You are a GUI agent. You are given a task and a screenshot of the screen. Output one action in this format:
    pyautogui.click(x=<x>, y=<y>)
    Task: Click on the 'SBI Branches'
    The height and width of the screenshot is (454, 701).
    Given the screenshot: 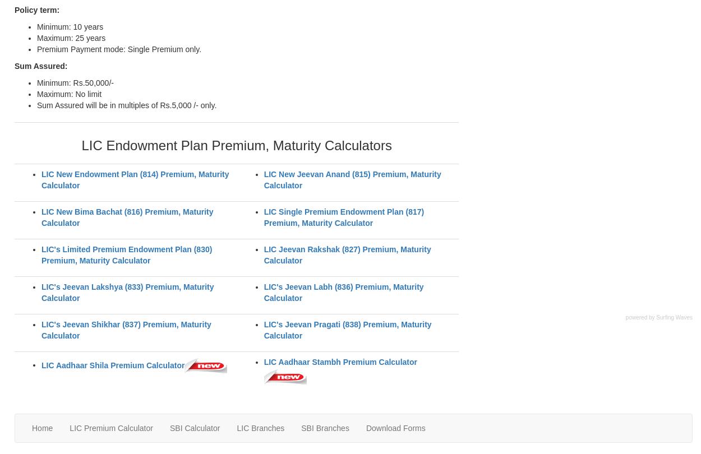 What is the action you would take?
    pyautogui.click(x=324, y=427)
    